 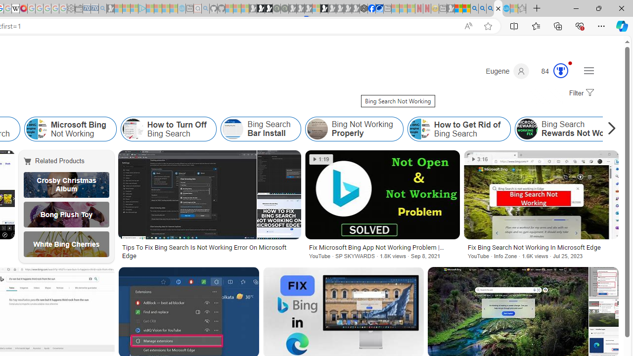 I want to click on 'Image result for Bing Search Not Working', so click(x=541, y=194).